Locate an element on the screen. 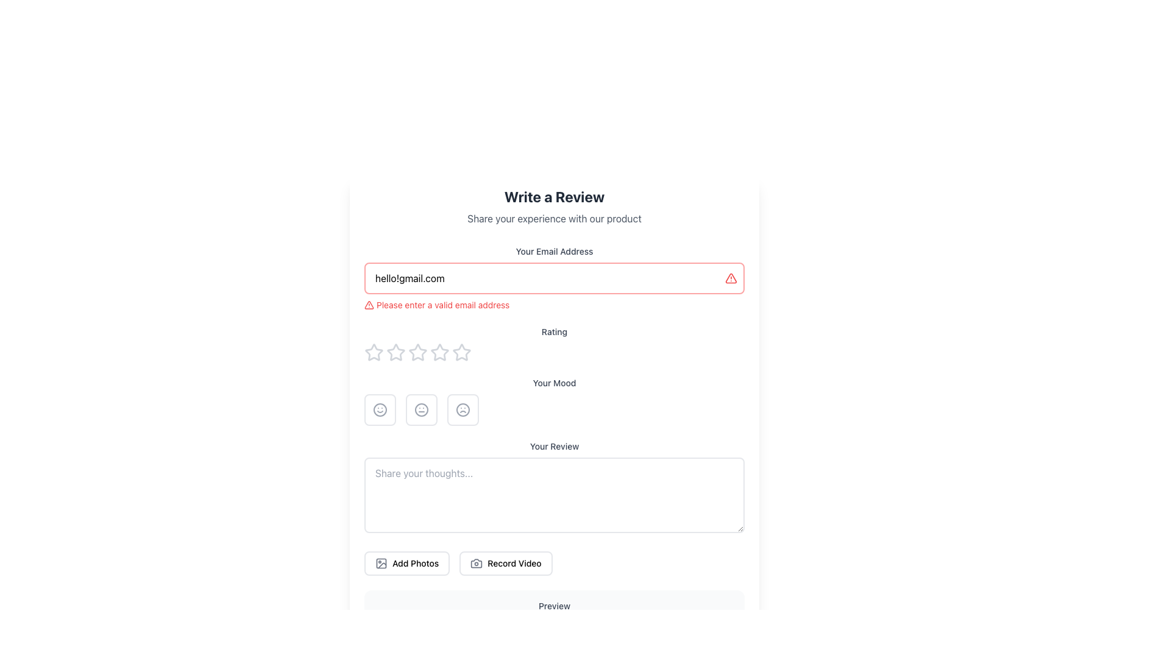 This screenshot has width=1170, height=658. the Warning icon, which is an animated triangle-shaped alert icon with a pulsing red effect, located to the right side of the 'Your Email Address' input field is located at coordinates (731, 278).